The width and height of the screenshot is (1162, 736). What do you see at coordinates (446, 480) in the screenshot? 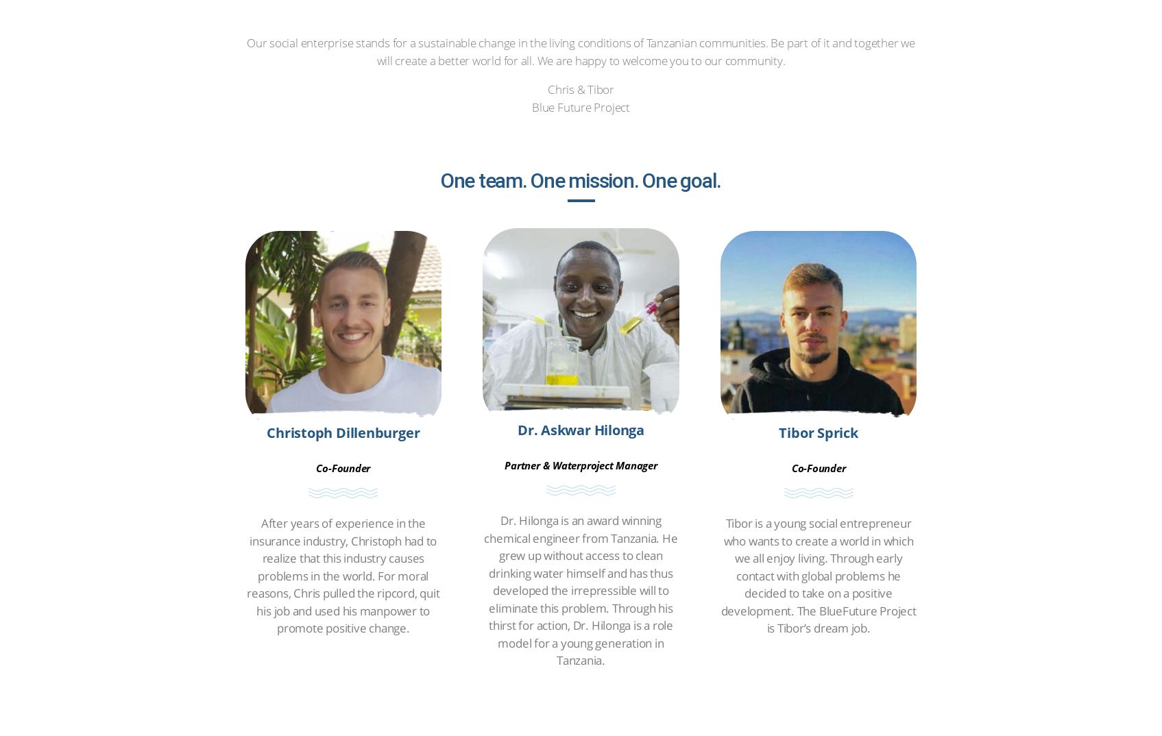
I see `'Imprint'` at bounding box center [446, 480].